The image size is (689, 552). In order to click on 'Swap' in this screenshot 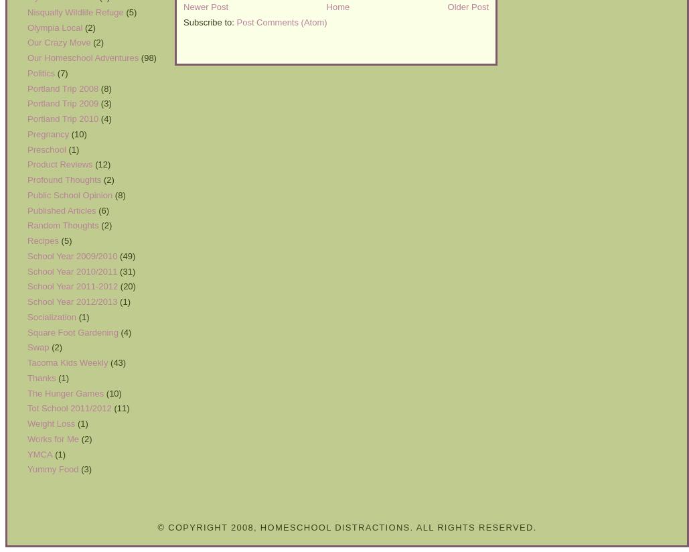, I will do `click(38, 347)`.